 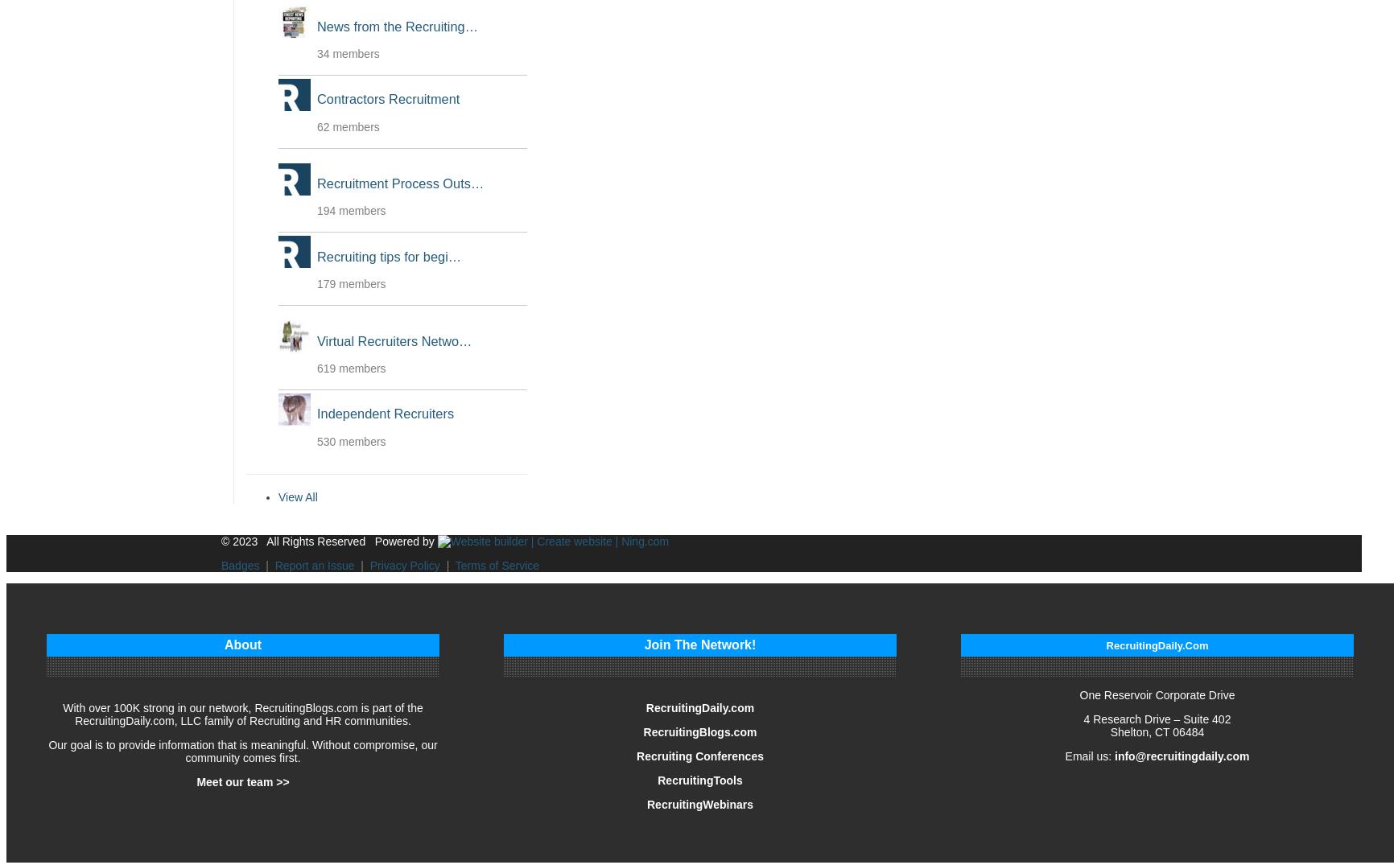 What do you see at coordinates (241, 712) in the screenshot?
I see `'With over 100K strong in our network, RecruitingBlogs.com is part of the RecruitingDaily.com, LLC family of Recruiting and HR communities.'` at bounding box center [241, 712].